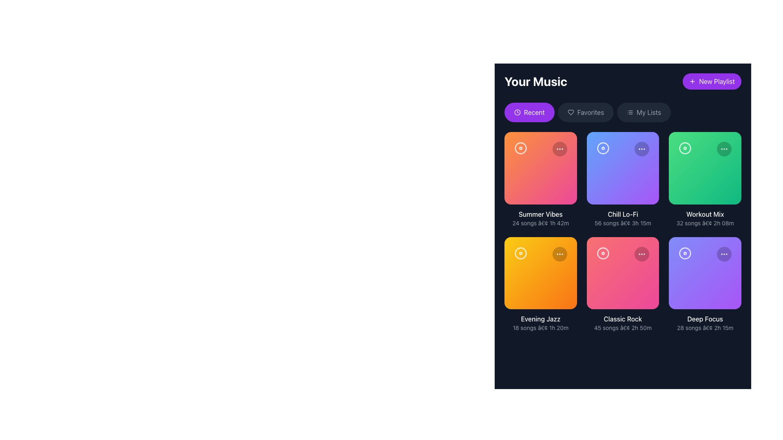 The image size is (783, 440). I want to click on the circular button icon with concentric rings located centrally within the 'Chill Lo-Fi' blue square card, so click(603, 148).